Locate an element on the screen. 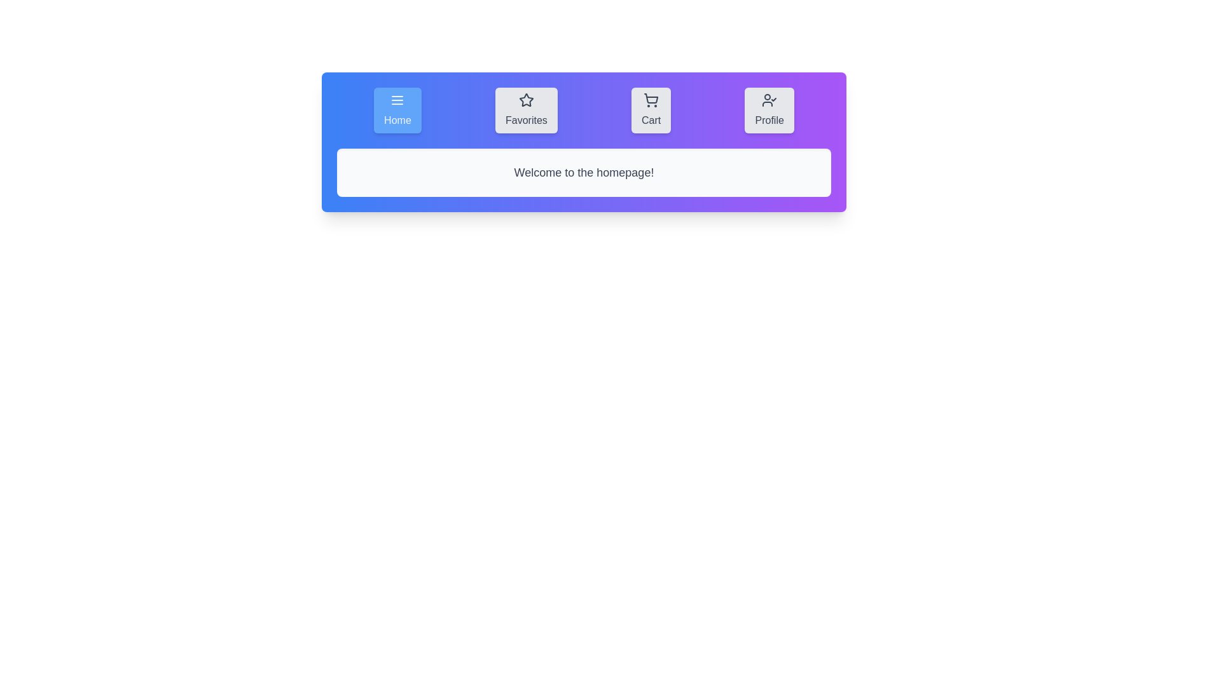 The image size is (1221, 686). the 'Profile' text label, which serves as a navigation option for the 'Profile' button in the horizontal menu bar is located at coordinates (769, 120).